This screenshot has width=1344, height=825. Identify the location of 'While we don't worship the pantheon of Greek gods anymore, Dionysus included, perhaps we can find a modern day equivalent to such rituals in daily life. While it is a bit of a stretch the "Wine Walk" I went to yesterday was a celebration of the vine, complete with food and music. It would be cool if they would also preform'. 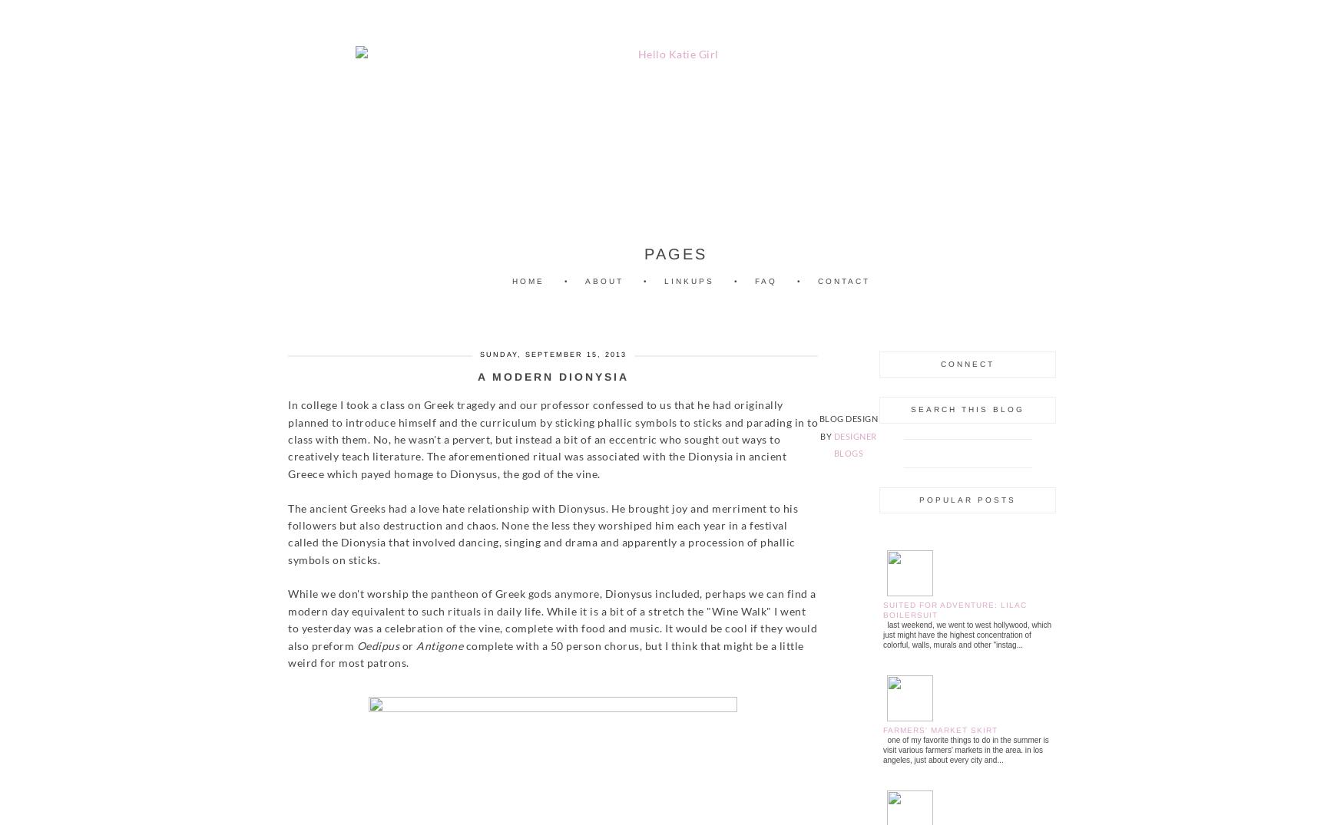
(552, 619).